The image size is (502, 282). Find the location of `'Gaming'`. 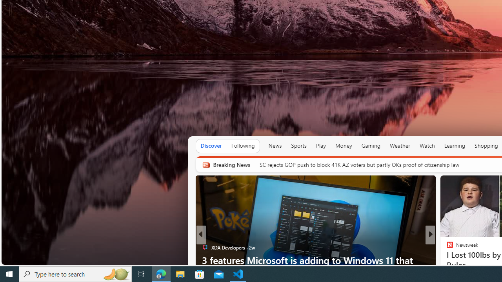

'Gaming' is located at coordinates (370, 145).